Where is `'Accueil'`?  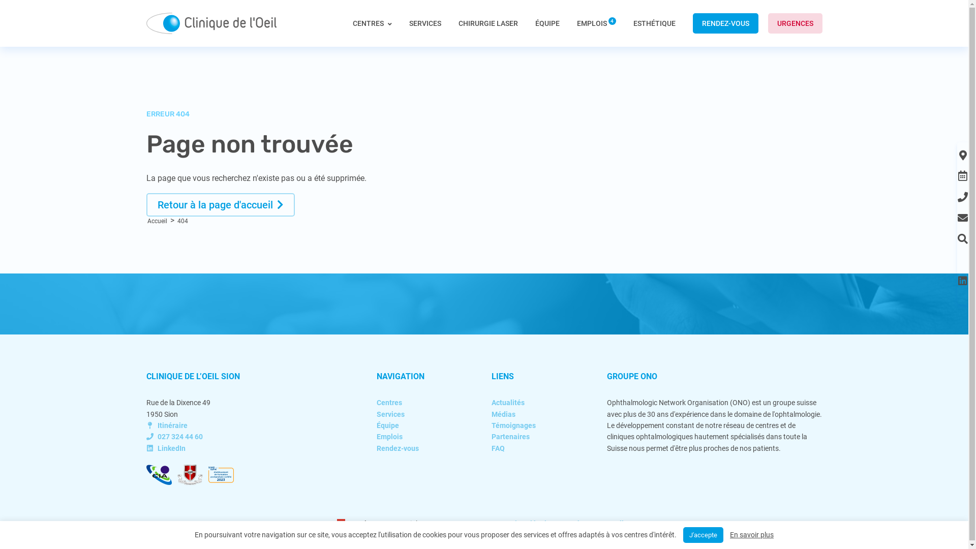
'Accueil' is located at coordinates (157, 221).